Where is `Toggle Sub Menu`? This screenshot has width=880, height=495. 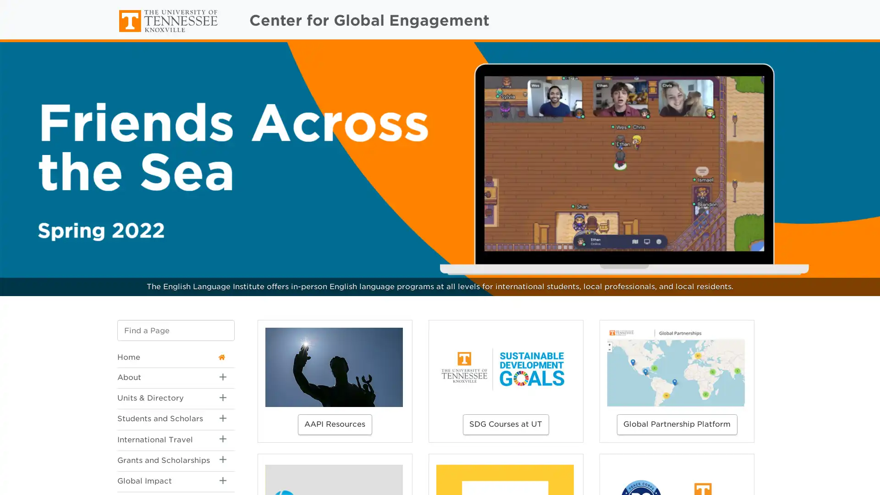 Toggle Sub Menu is located at coordinates (222, 461).